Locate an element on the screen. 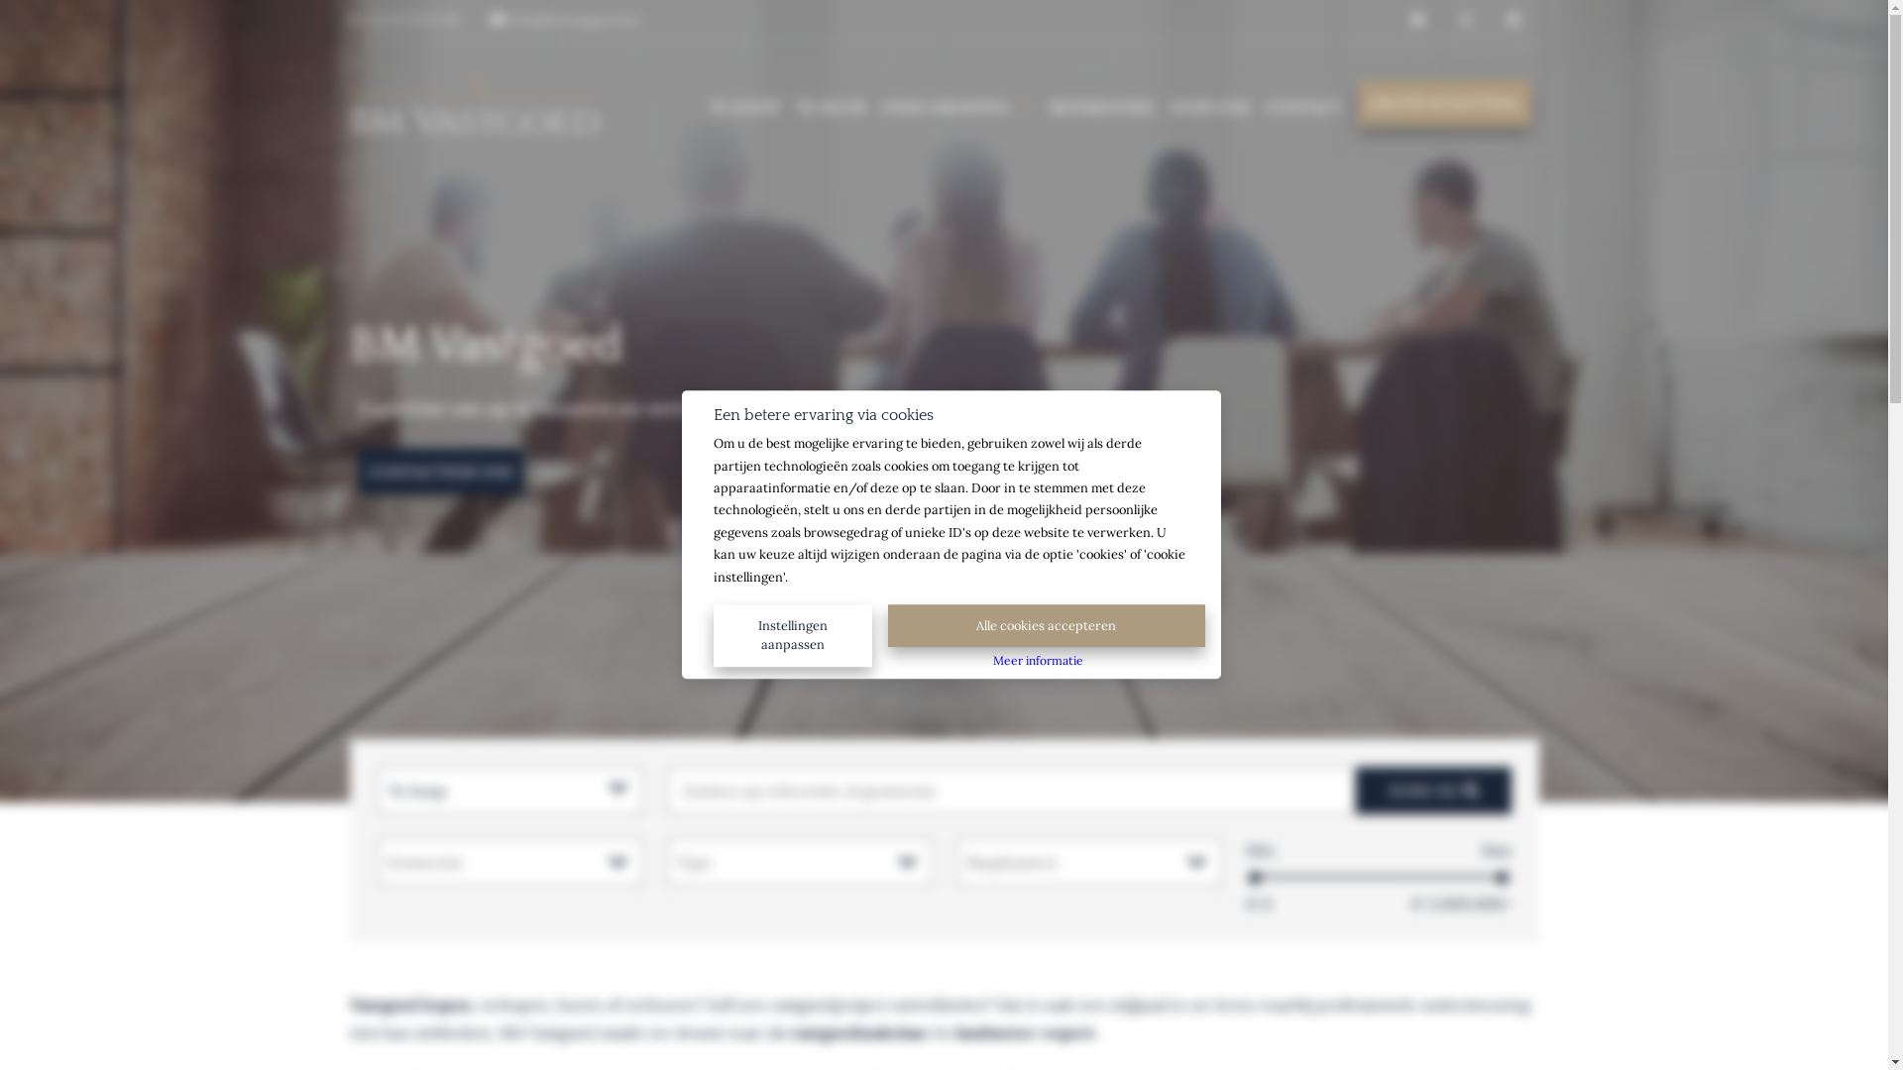  ' ' is located at coordinates (1466, 20).